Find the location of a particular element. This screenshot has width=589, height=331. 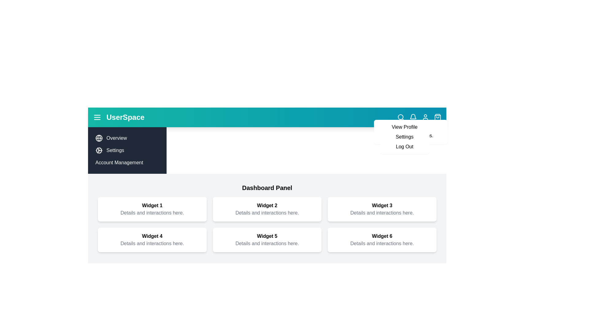

the details in the 'Widget 4' informational card, which is a rectangular card with a white background displaying the text 'Widget 4' in bold and subtext 'Details and interactions here.' is located at coordinates (152, 240).